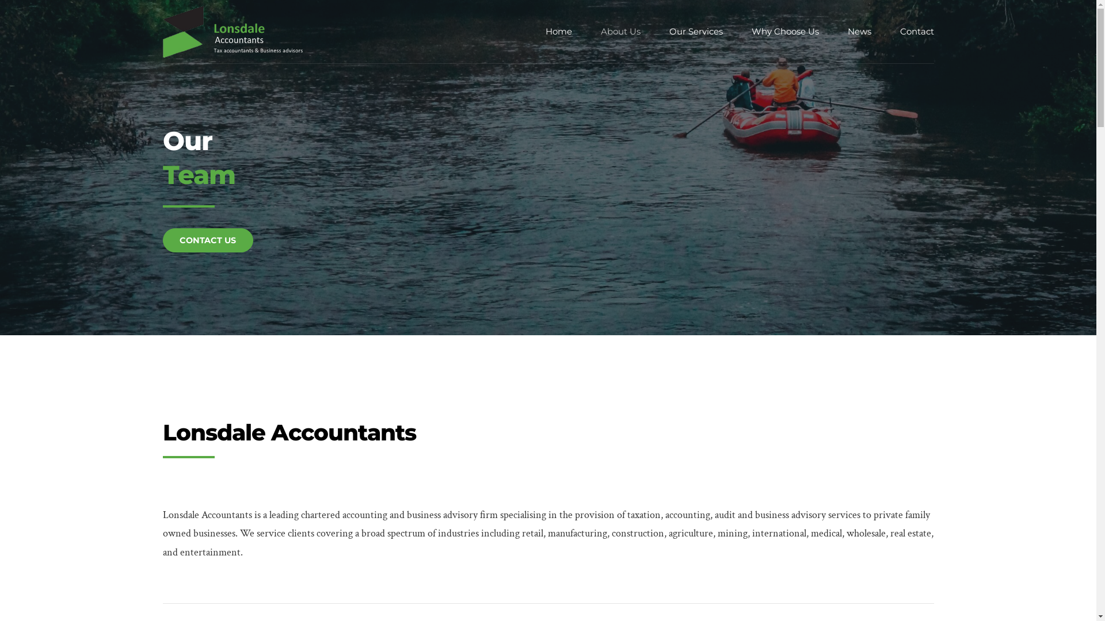 Image resolution: width=1105 pixels, height=621 pixels. Describe the element at coordinates (900, 30) in the screenshot. I see `'Contact'` at that location.